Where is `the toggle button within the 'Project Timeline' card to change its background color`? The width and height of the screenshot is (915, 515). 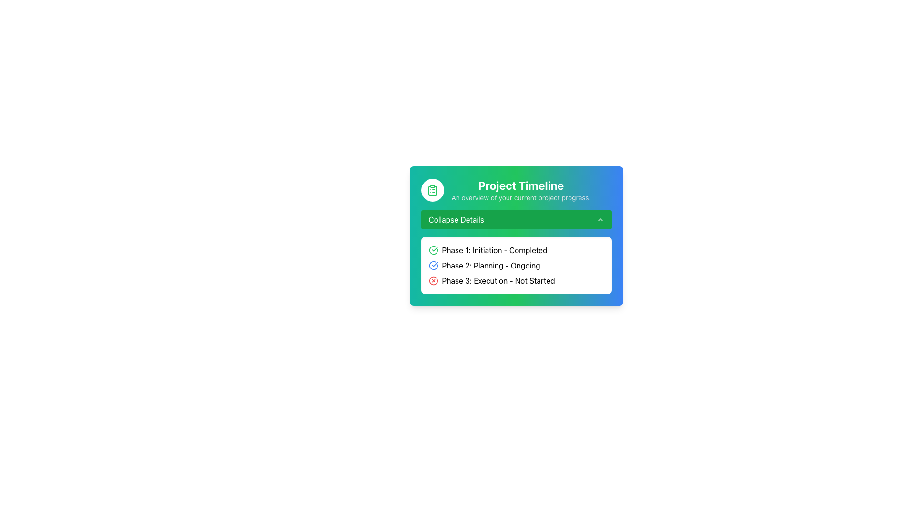
the toggle button within the 'Project Timeline' card to change its background color is located at coordinates (516, 220).